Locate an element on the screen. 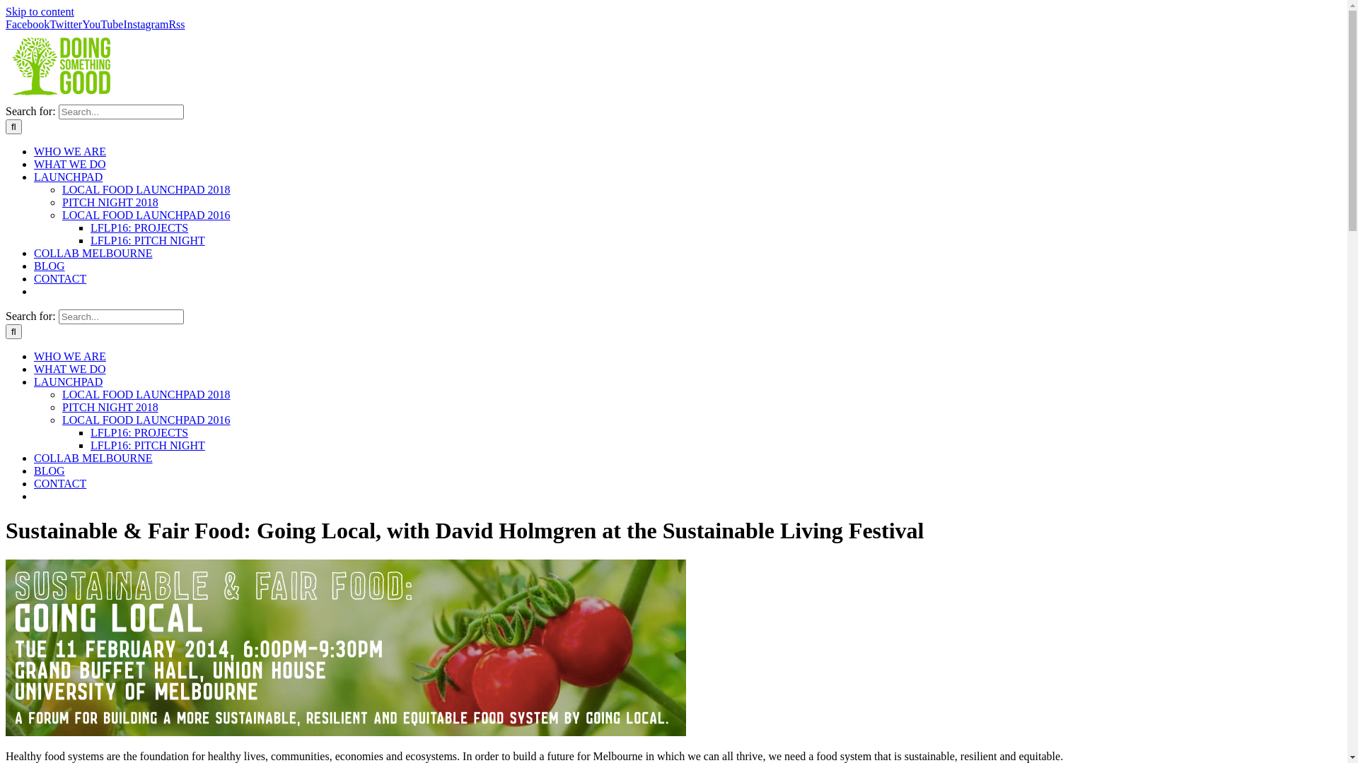  'COLLAB MELBOURNE' is located at coordinates (93, 458).